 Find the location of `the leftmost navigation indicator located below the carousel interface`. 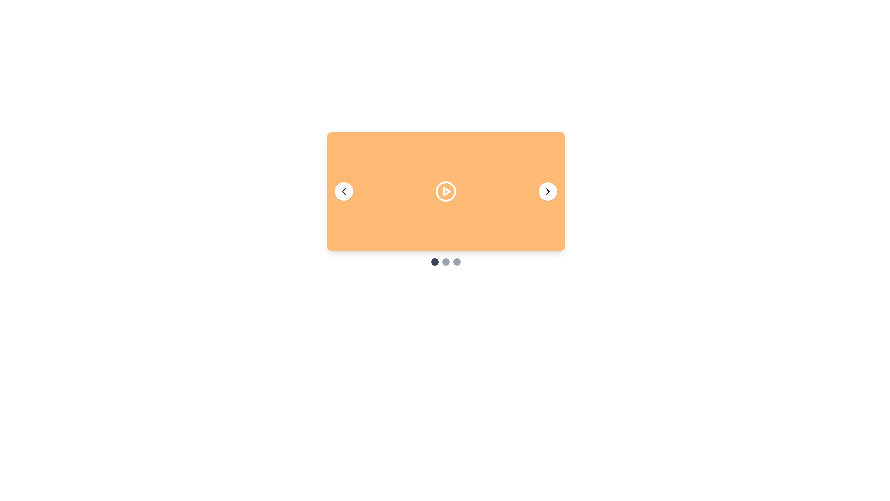

the leftmost navigation indicator located below the carousel interface is located at coordinates (434, 262).